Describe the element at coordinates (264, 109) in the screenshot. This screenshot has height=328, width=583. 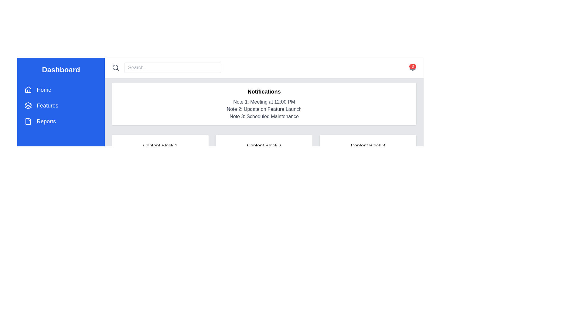
I see `static text component displaying 'Note 2: Update on Feature Launch', which is the second entry in the notifications list` at that location.